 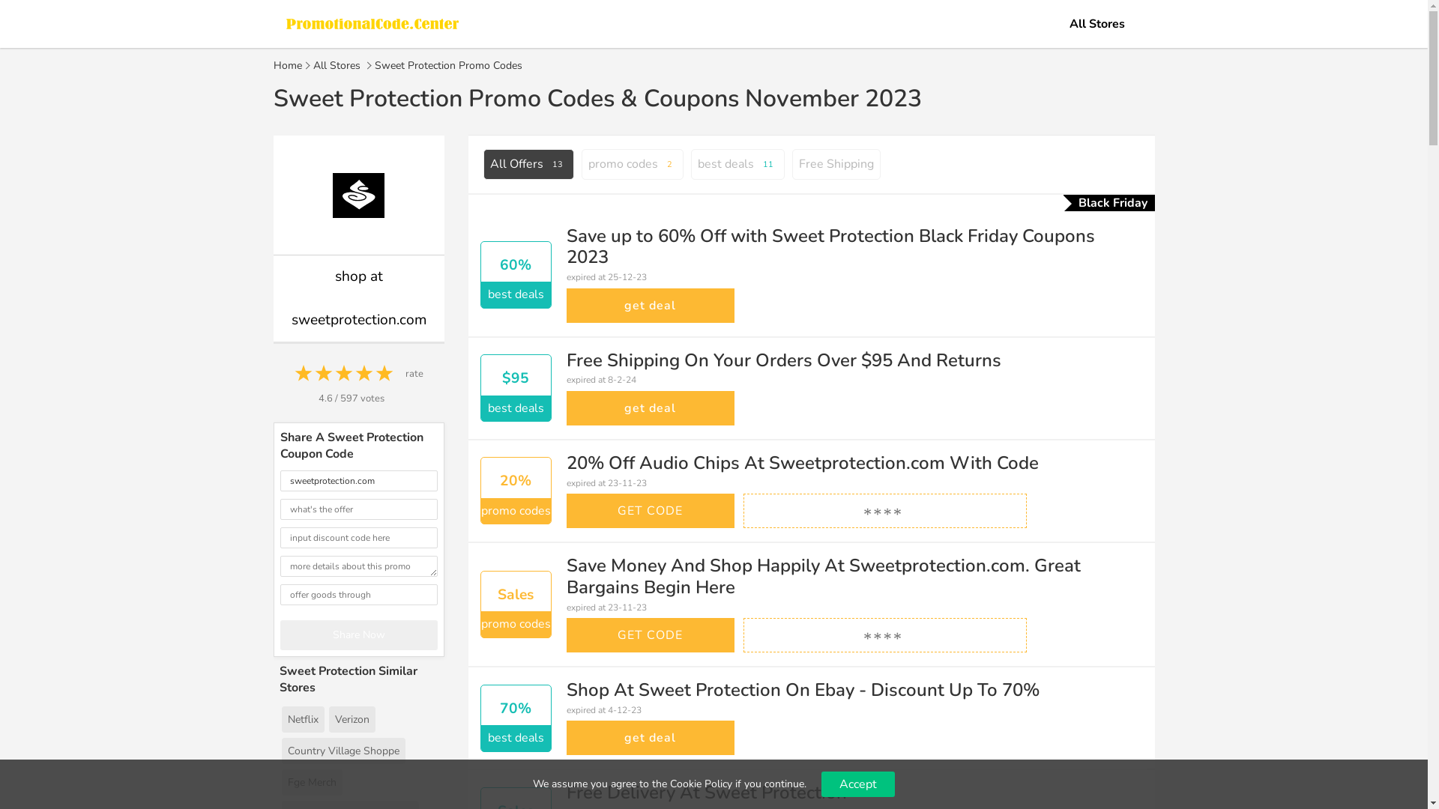 What do you see at coordinates (820, 783) in the screenshot?
I see `'Accept'` at bounding box center [820, 783].